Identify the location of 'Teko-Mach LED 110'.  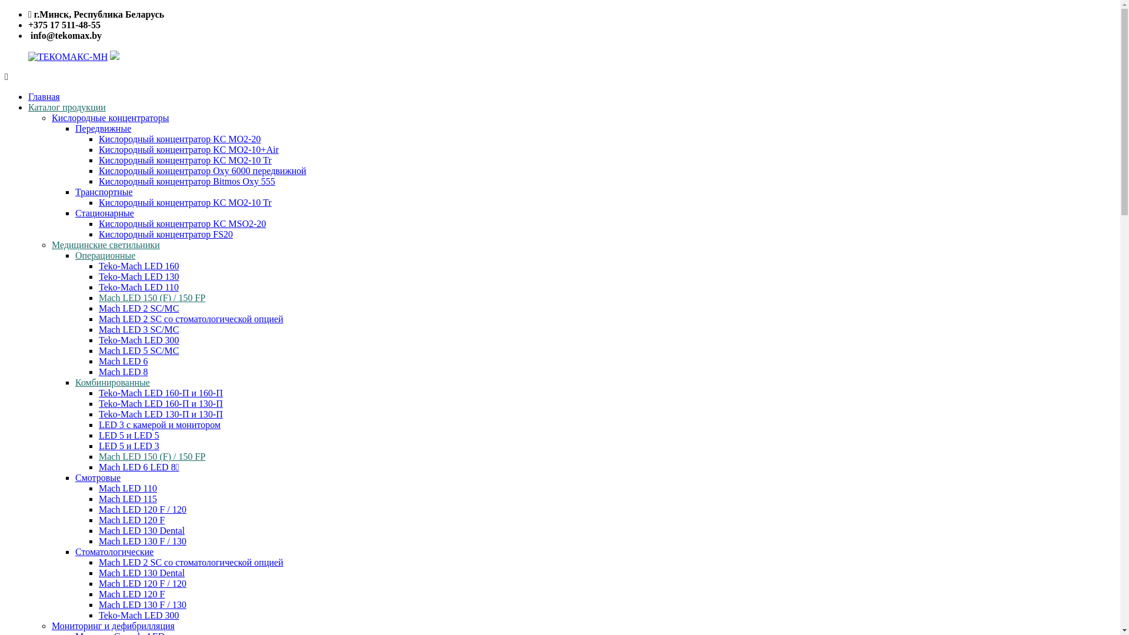
(138, 287).